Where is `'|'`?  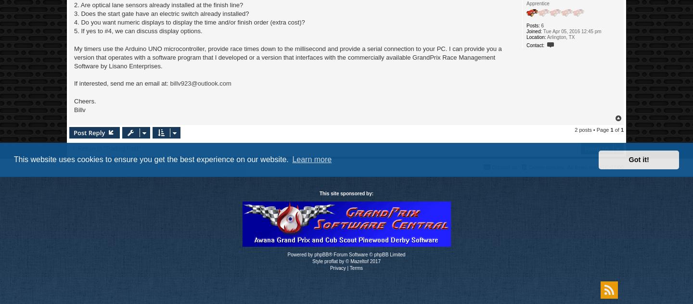 '|' is located at coordinates (345, 267).